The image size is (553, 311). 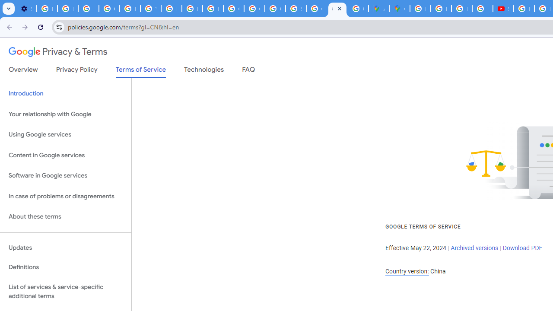 What do you see at coordinates (407, 271) in the screenshot?
I see `'Country version:'` at bounding box center [407, 271].